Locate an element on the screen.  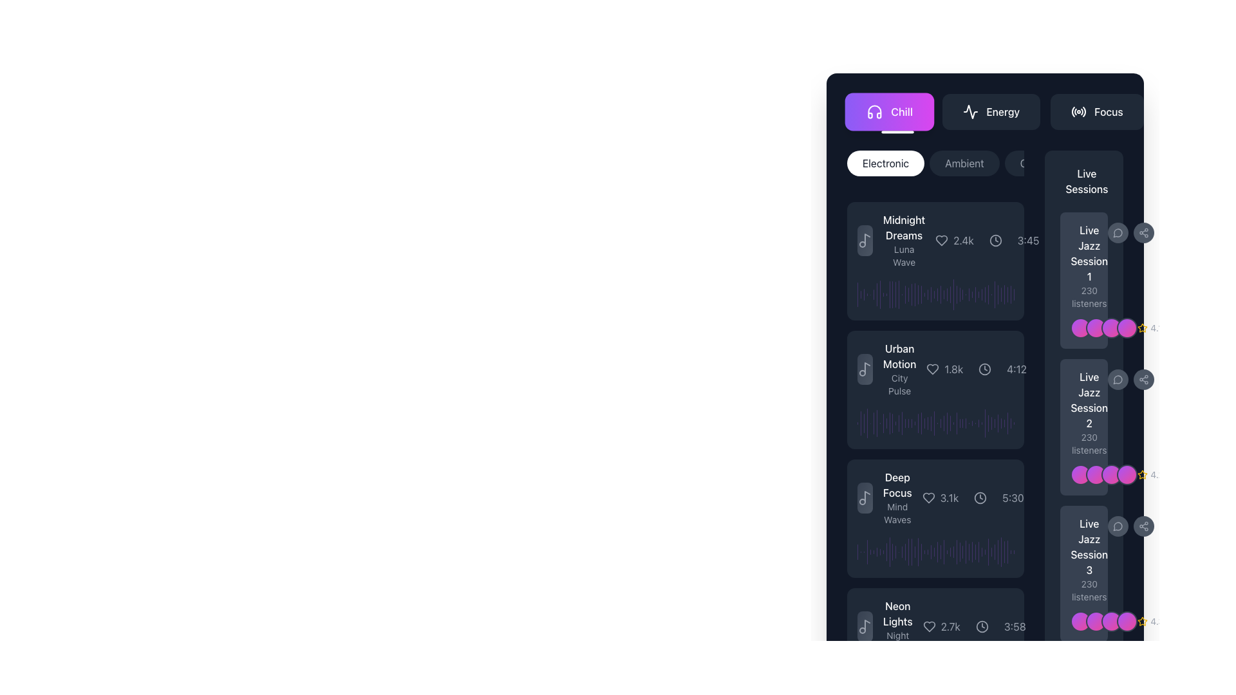
the third decorative circular badge, which features a gradient from purple to pink and is surrounded by a gray border, located in a horizontal line of four similar components next to the text 'Live Jazz Session 1' is located at coordinates (1111, 327).